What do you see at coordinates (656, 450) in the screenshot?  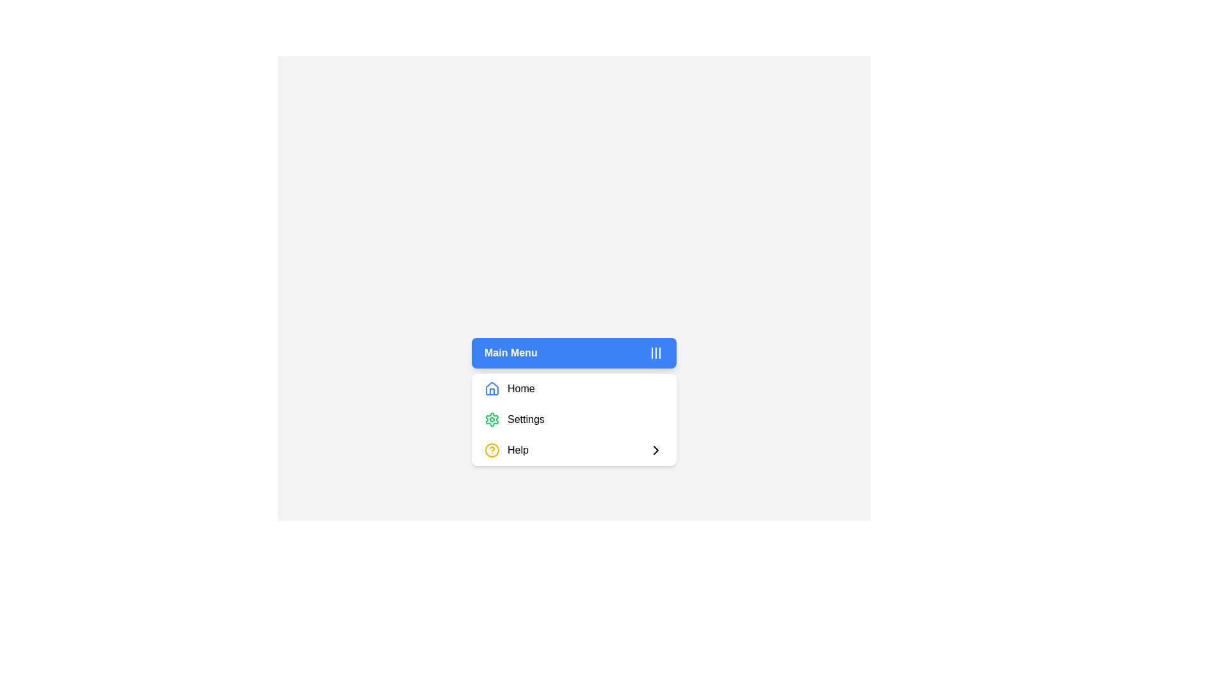 I see `the SVG Chevron icon located to the right of the 'Help' text in the dropdown menu, which indicates a nested menu or additional details` at bounding box center [656, 450].